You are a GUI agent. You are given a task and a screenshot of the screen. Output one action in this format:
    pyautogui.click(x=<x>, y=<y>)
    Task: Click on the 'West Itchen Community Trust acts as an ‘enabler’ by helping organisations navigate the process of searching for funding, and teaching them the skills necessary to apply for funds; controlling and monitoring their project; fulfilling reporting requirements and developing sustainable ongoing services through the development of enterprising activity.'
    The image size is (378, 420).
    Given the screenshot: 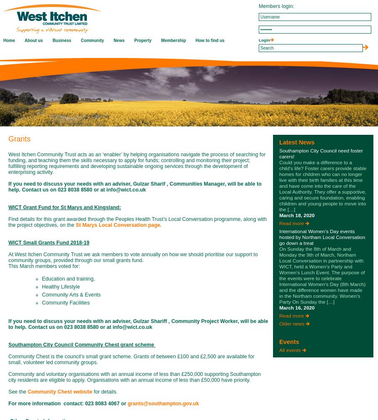 What is the action you would take?
    pyautogui.click(x=136, y=163)
    